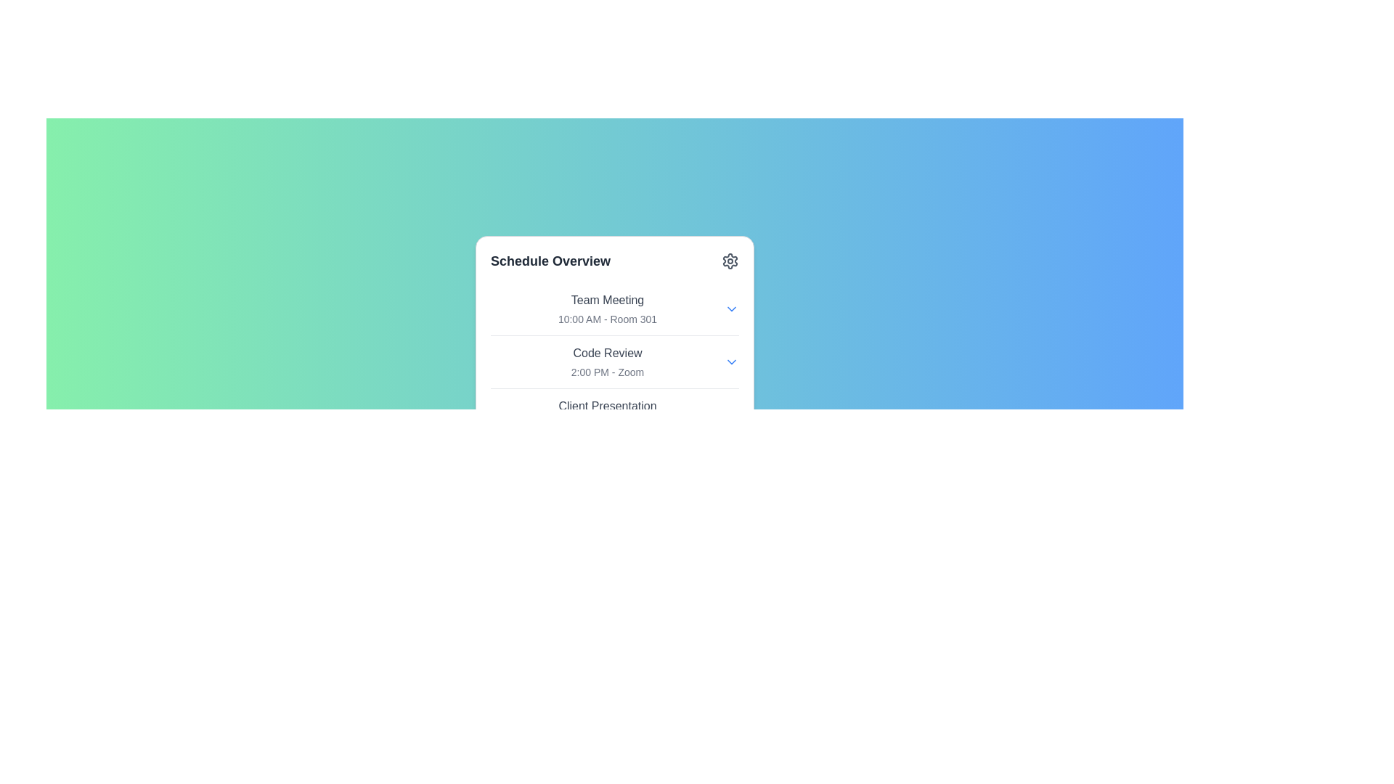 This screenshot has width=1394, height=784. I want to click on the text label displaying '2:00 PM - Zoom', which is positioned below the title 'Code Review' in a gray font, so click(607, 372).